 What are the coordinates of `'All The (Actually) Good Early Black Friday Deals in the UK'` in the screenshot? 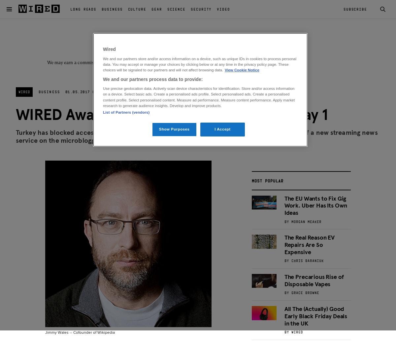 It's located at (315, 316).